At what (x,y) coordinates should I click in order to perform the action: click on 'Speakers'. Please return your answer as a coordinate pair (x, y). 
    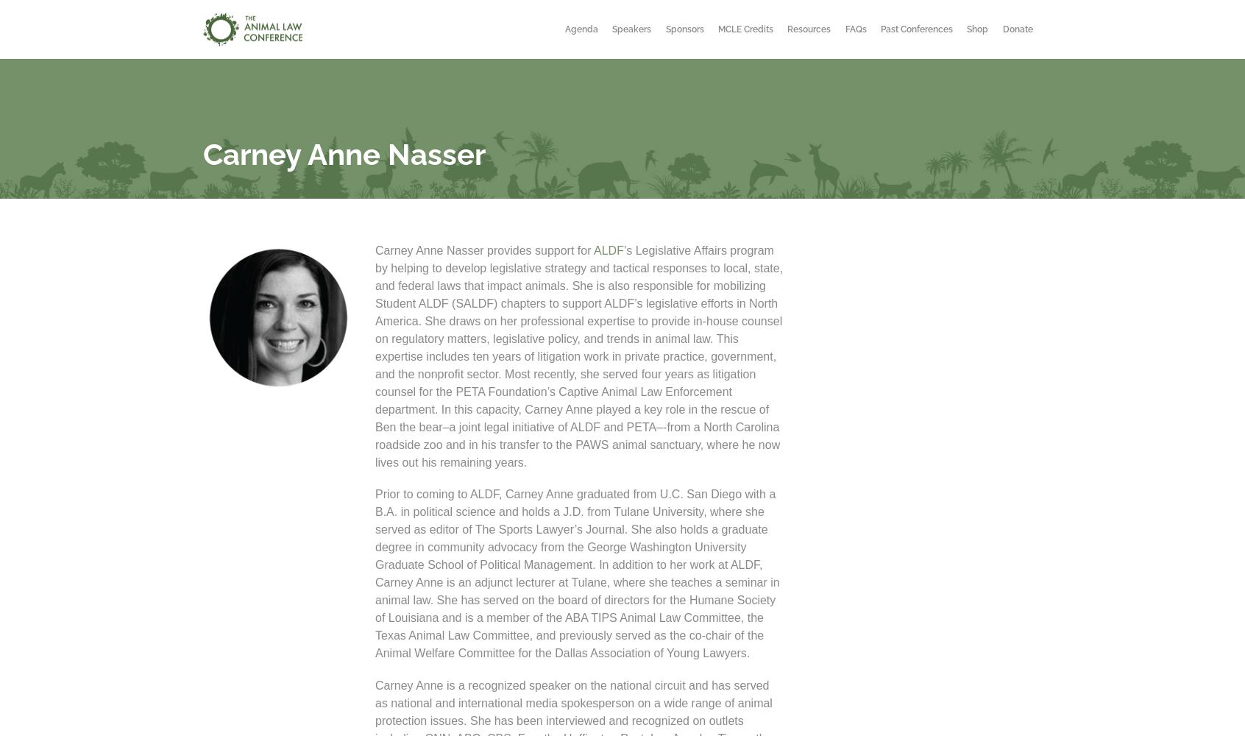
    Looking at the image, I should click on (611, 29).